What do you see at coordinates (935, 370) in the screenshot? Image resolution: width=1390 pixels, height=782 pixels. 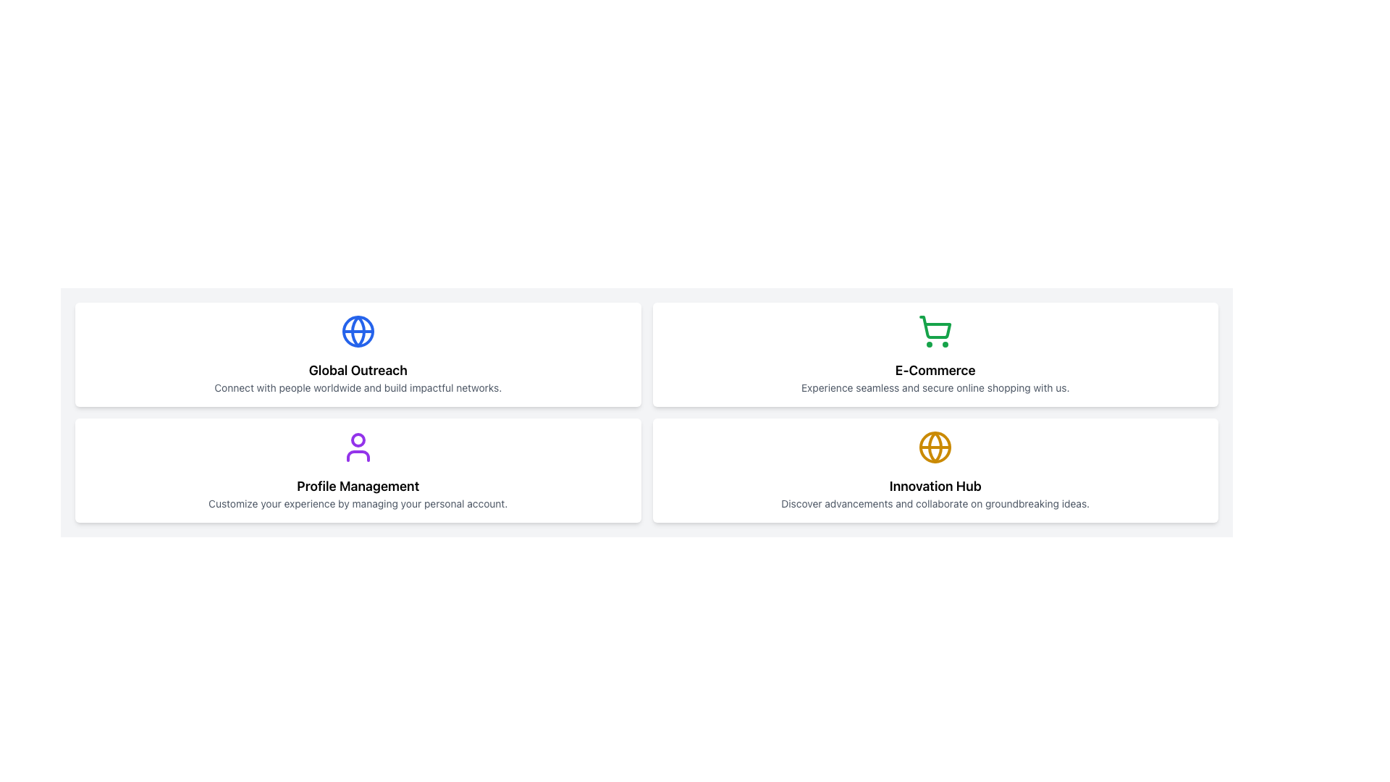 I see `the title text element in the top-right card of the grid layout that indicates E-Commerce, located below the green cart icon` at bounding box center [935, 370].